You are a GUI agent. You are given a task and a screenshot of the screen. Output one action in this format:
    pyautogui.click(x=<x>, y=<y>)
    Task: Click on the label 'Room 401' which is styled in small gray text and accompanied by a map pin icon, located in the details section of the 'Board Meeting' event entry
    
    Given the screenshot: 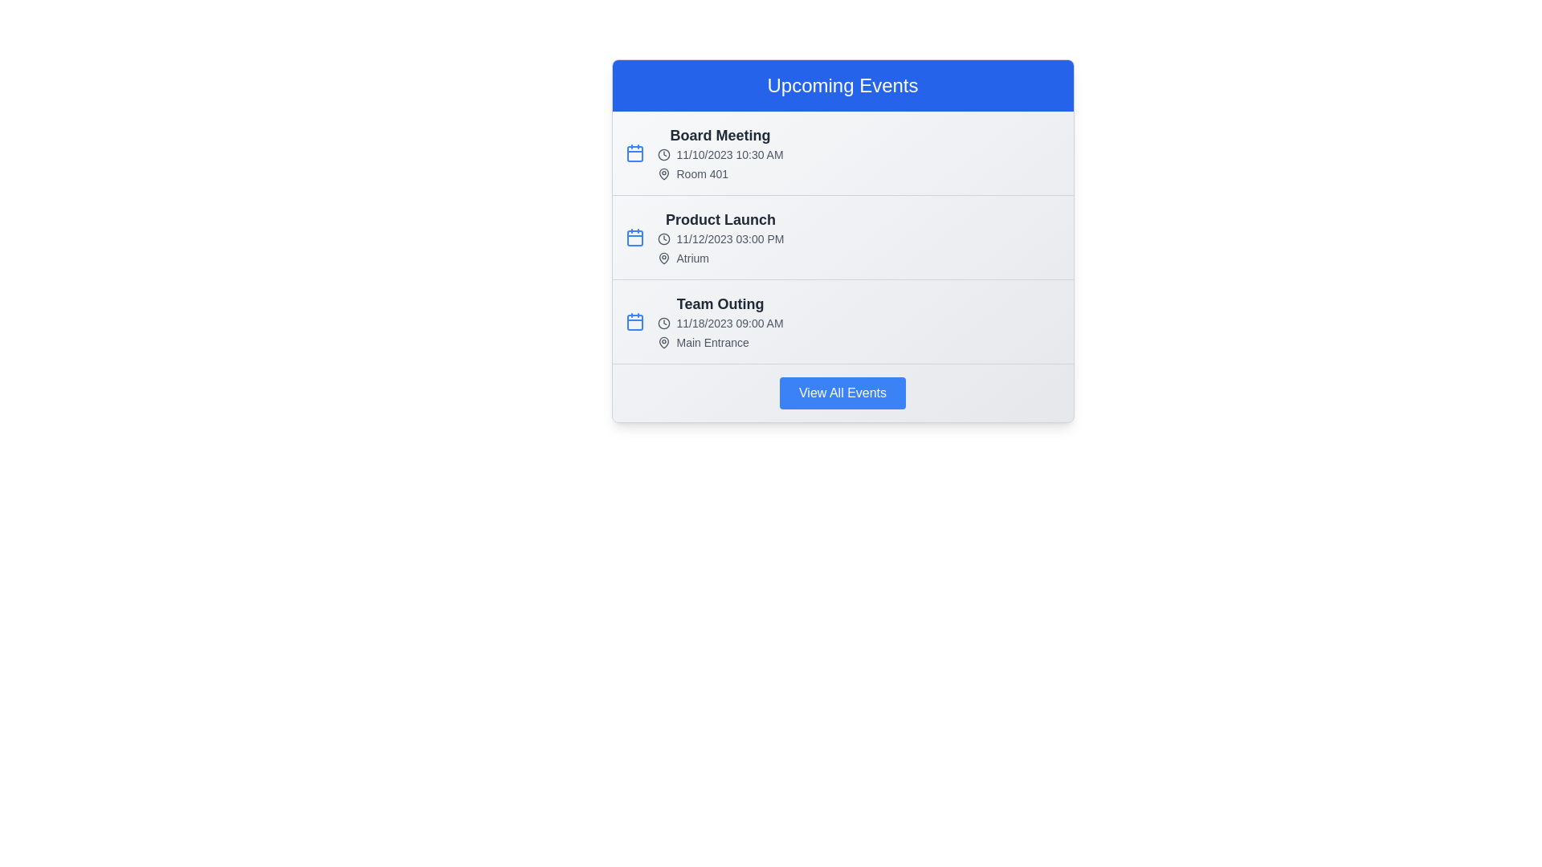 What is the action you would take?
    pyautogui.click(x=720, y=173)
    